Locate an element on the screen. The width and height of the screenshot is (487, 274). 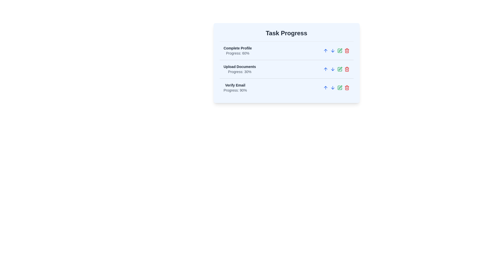
the Progress tracking display located centrally on the page, which shows task information and progress percentage is located at coordinates (286, 69).